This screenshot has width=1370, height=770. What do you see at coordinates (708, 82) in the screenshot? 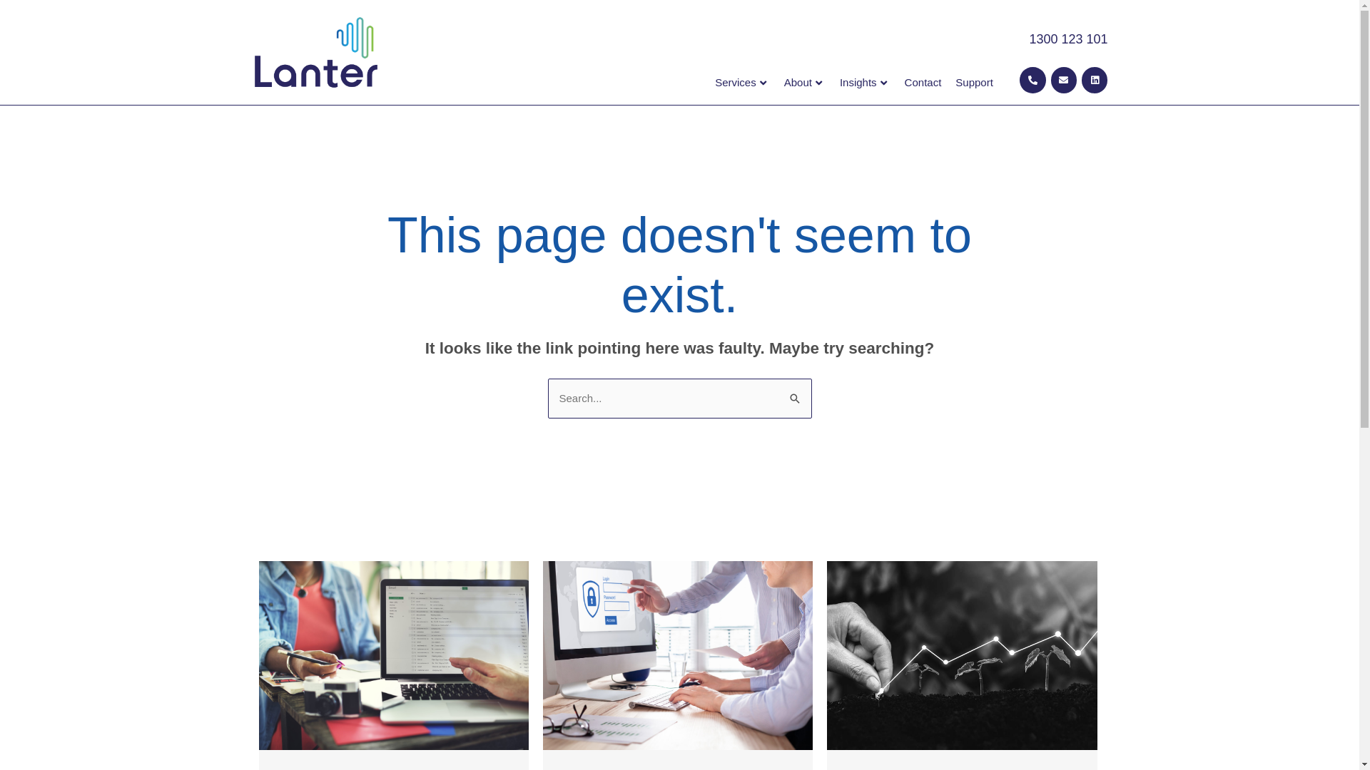
I see `'Services'` at bounding box center [708, 82].